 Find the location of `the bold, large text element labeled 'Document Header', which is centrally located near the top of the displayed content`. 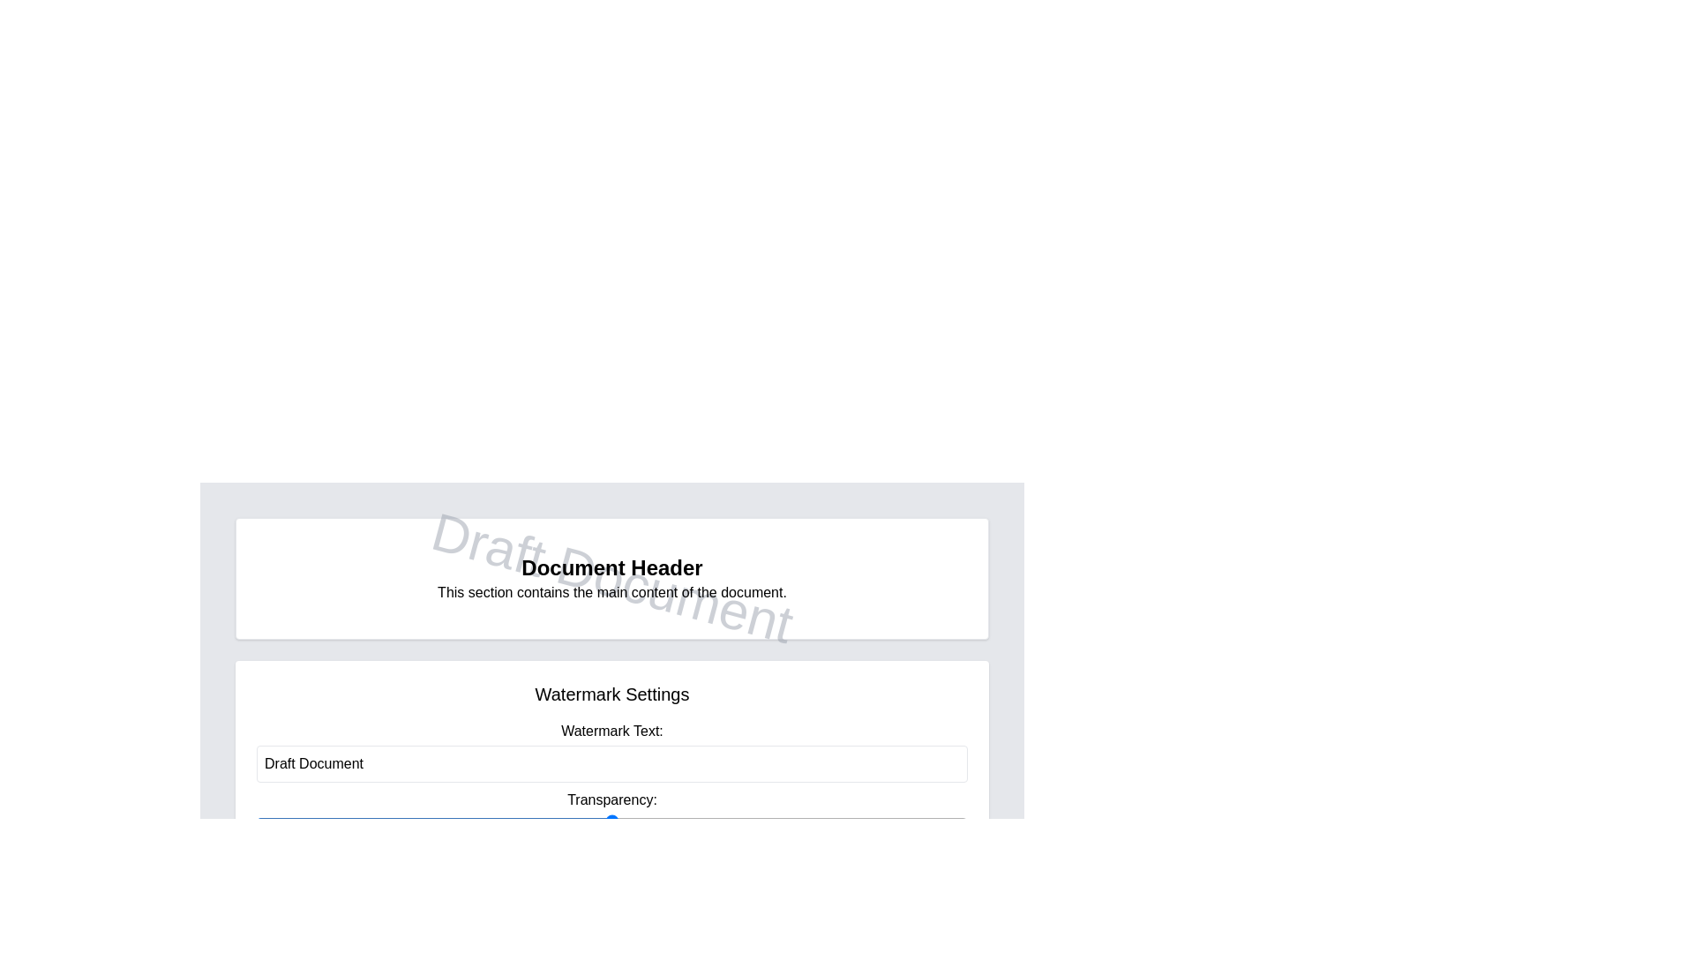

the bold, large text element labeled 'Document Header', which is centrally located near the top of the displayed content is located at coordinates (612, 568).